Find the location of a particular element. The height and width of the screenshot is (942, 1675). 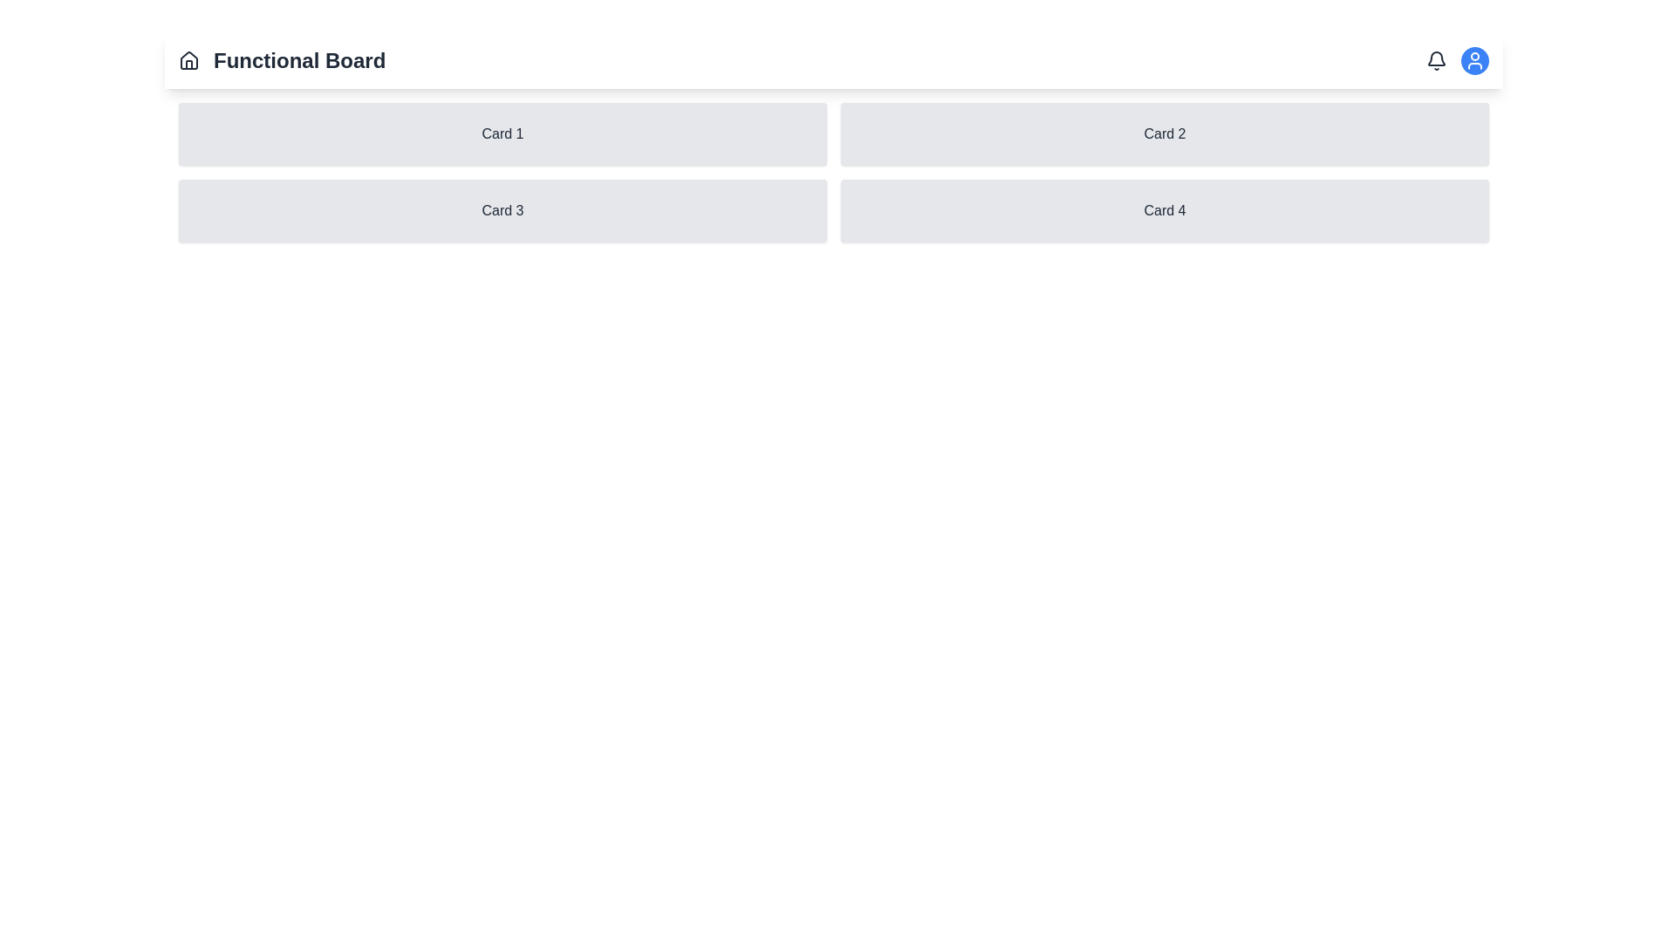

text content of the card with a gray background and bold text reading 'Card 4', located in the second column of the second row within a grid layout is located at coordinates (1165, 210).